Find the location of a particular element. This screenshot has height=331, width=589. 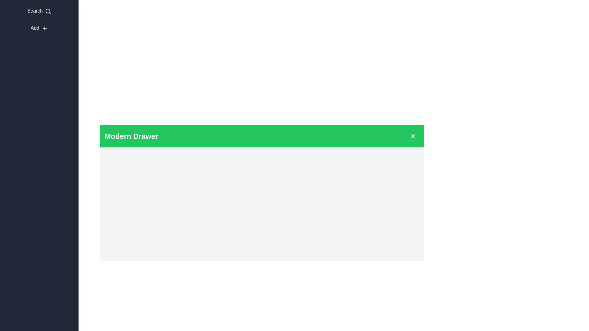

the close button located at the far right end of the green header labeled 'Modern Drawer' is located at coordinates (413, 136).